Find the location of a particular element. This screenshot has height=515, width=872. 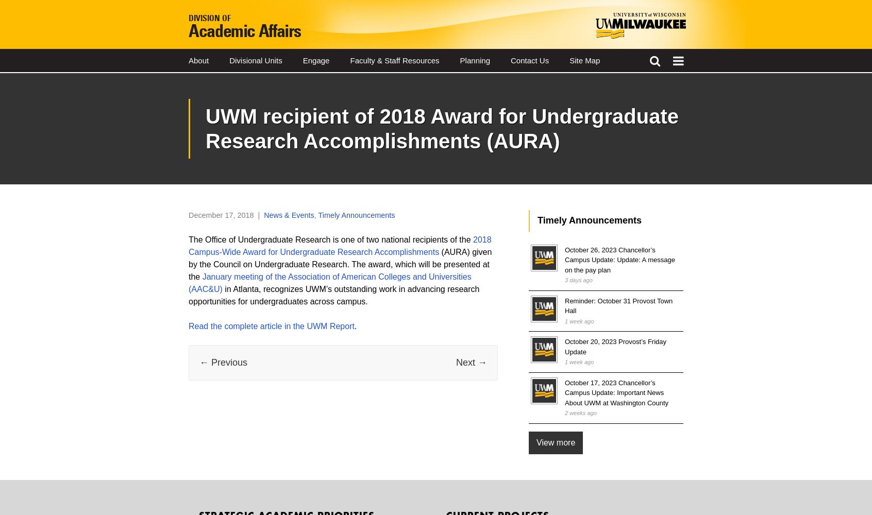

',' is located at coordinates (315, 215).